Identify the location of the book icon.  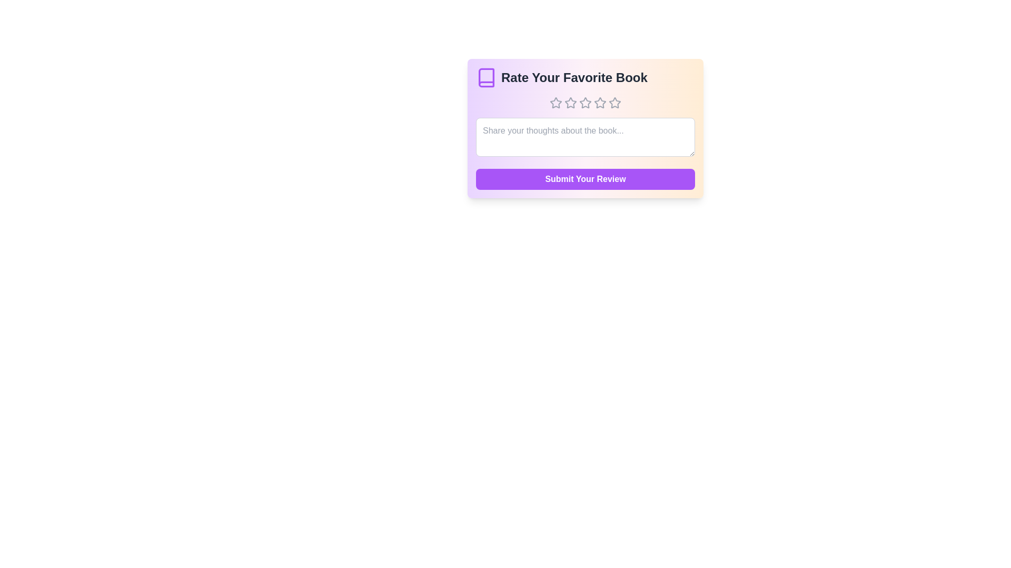
(486, 77).